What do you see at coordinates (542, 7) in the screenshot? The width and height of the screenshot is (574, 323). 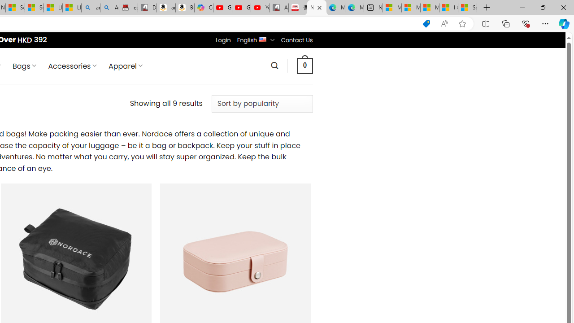 I see `'Restore'` at bounding box center [542, 7].